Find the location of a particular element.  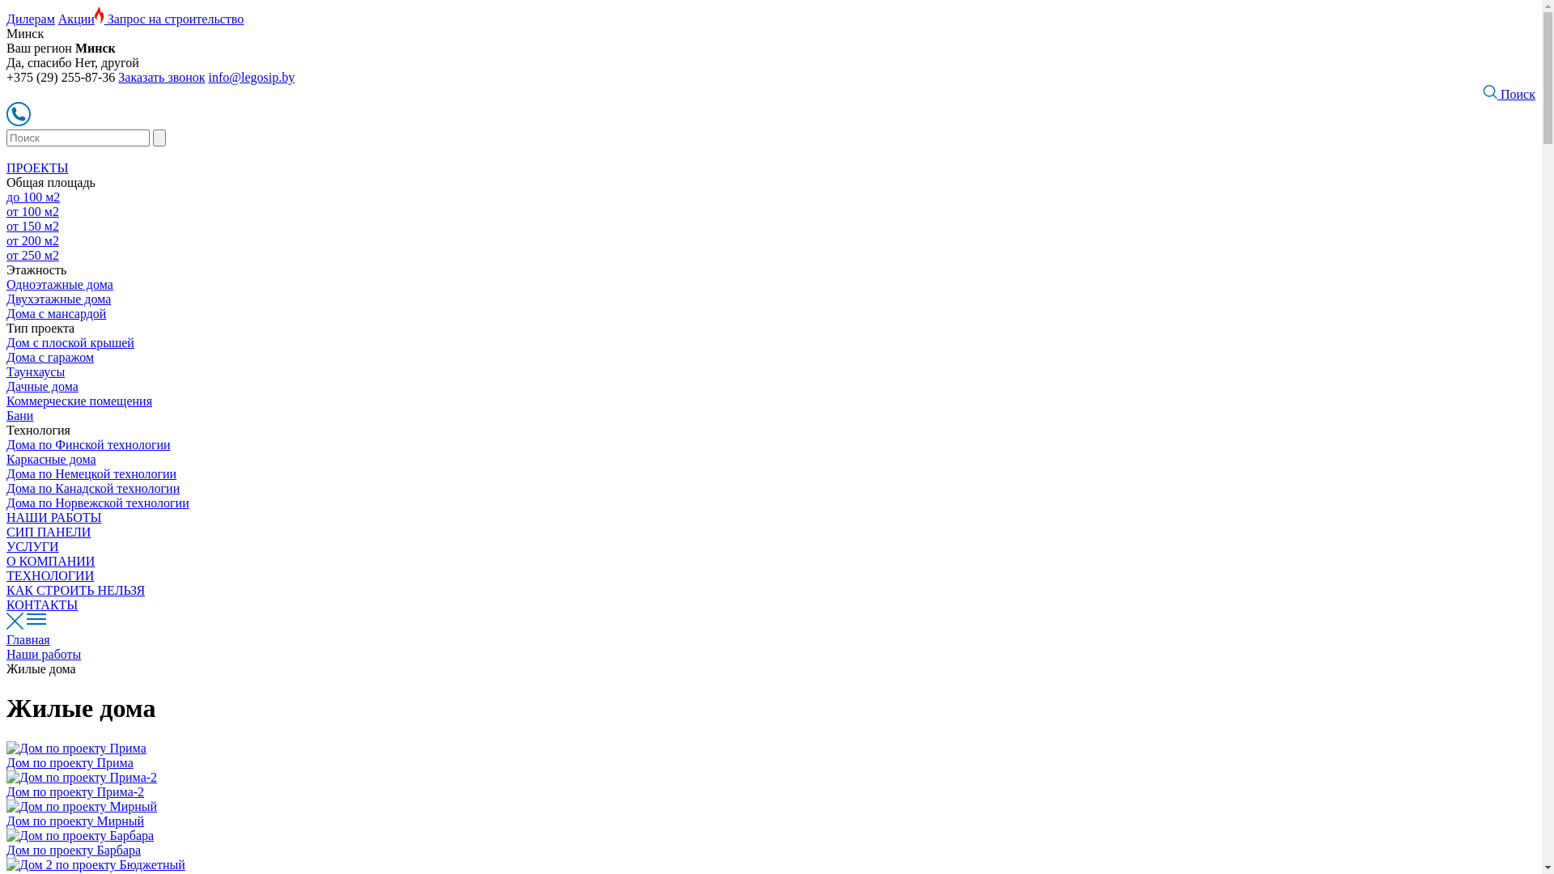

'+375 (29) 255-87-36' is located at coordinates (61, 77).